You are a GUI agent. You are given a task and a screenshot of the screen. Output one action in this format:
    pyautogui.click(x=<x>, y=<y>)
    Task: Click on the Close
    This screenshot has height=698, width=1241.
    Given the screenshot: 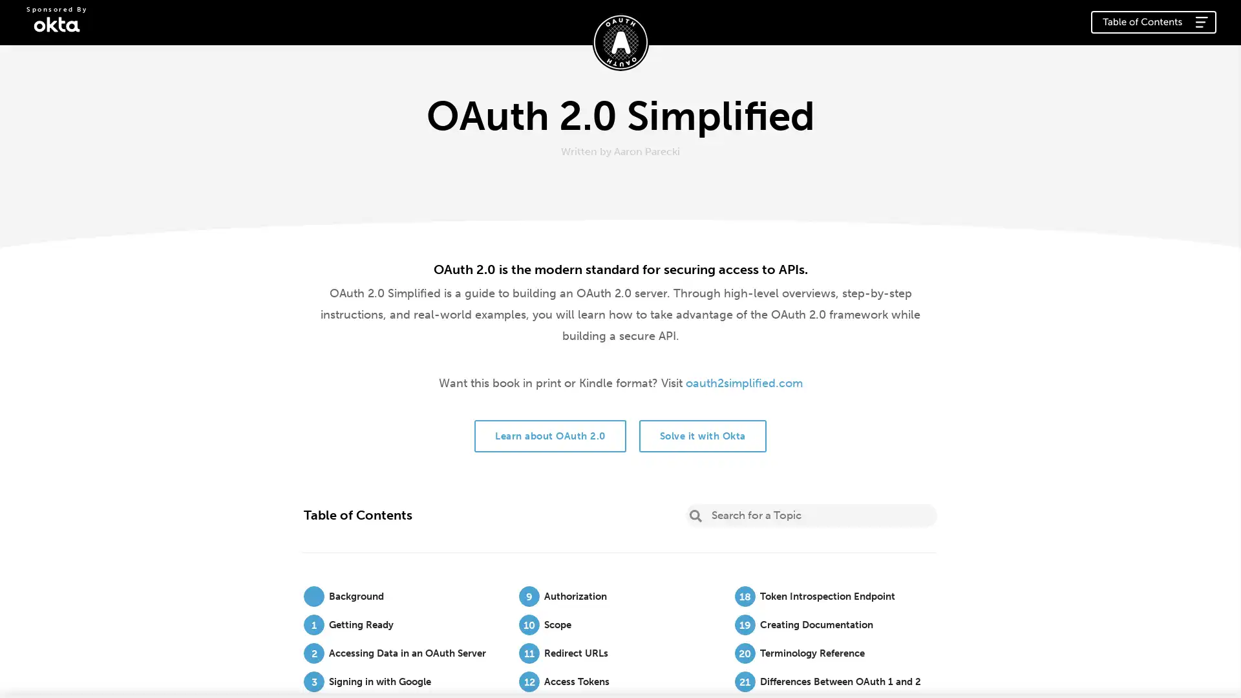 What is the action you would take?
    pyautogui.click(x=1213, y=669)
    